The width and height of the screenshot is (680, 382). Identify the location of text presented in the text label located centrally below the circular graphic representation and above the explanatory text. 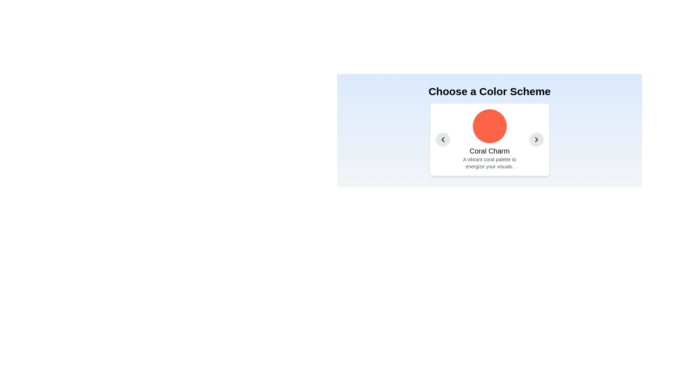
(489, 151).